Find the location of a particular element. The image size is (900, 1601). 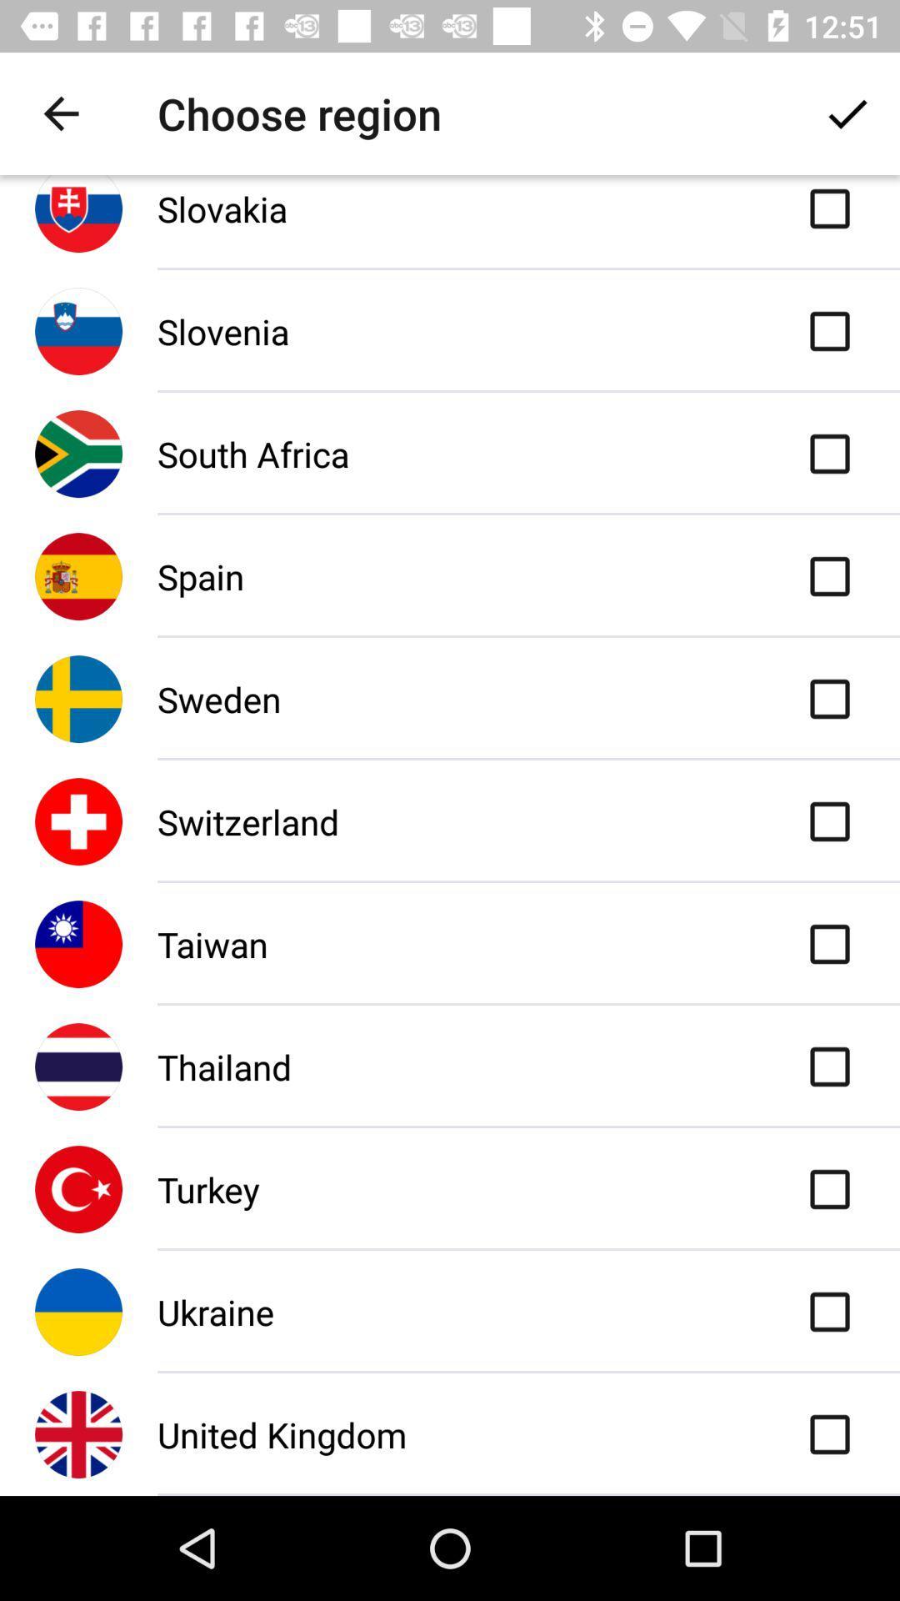

item to the right of the choose region item is located at coordinates (847, 113).